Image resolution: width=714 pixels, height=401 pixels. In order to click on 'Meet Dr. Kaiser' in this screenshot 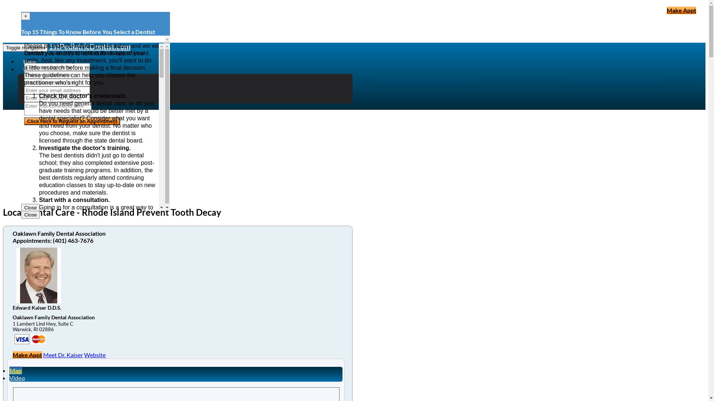, I will do `click(63, 354)`.